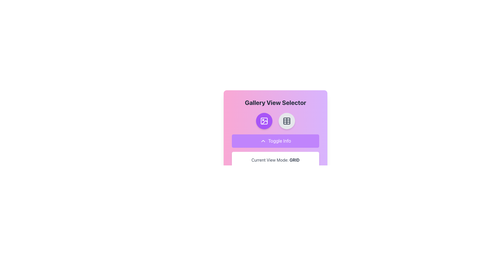 Image resolution: width=493 pixels, height=277 pixels. What do you see at coordinates (264, 121) in the screenshot?
I see `the first rounded button with a purple background and a white image icon, located below the 'Gallery View Selector' label` at bounding box center [264, 121].